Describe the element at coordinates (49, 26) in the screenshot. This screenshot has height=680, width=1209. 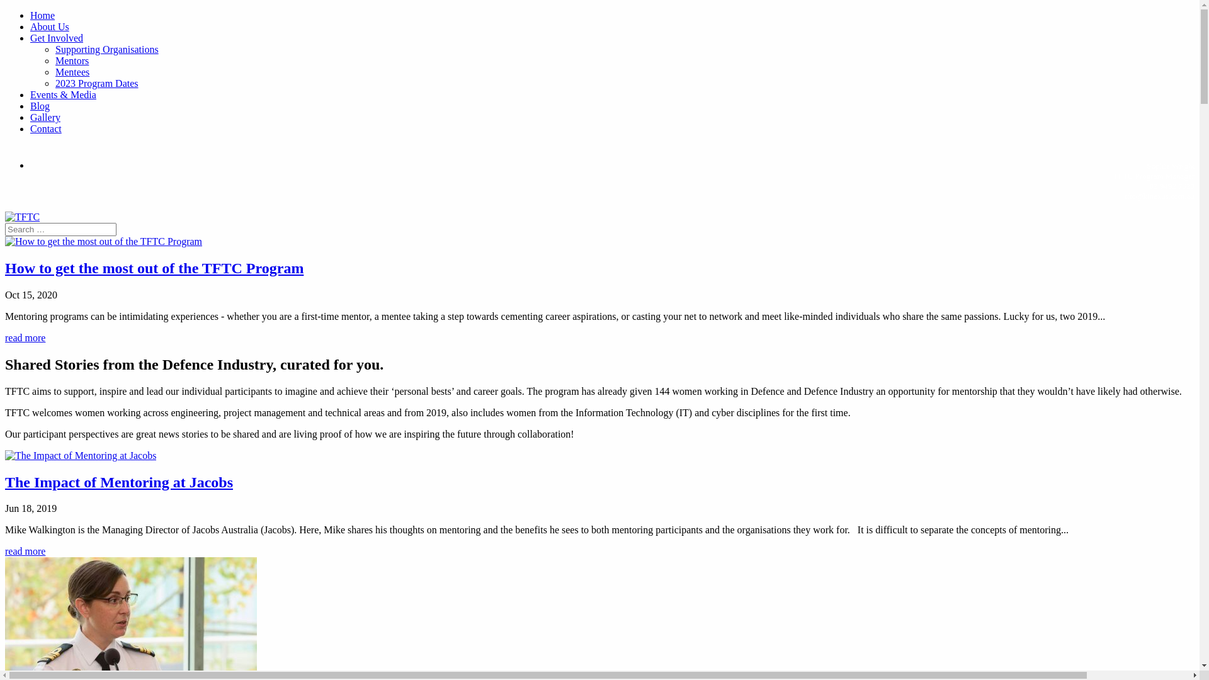
I see `'About Us'` at that location.